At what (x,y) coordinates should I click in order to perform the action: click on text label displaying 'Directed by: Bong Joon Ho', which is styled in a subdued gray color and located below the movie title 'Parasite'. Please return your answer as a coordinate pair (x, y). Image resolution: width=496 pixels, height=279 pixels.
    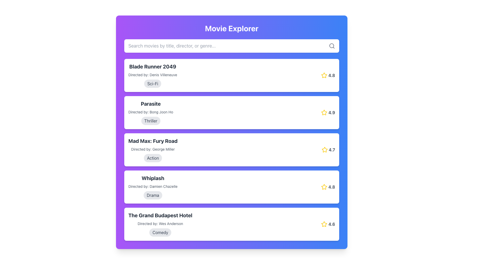
    Looking at the image, I should click on (150, 112).